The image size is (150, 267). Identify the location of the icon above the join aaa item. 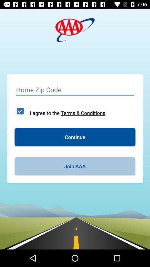
(75, 137).